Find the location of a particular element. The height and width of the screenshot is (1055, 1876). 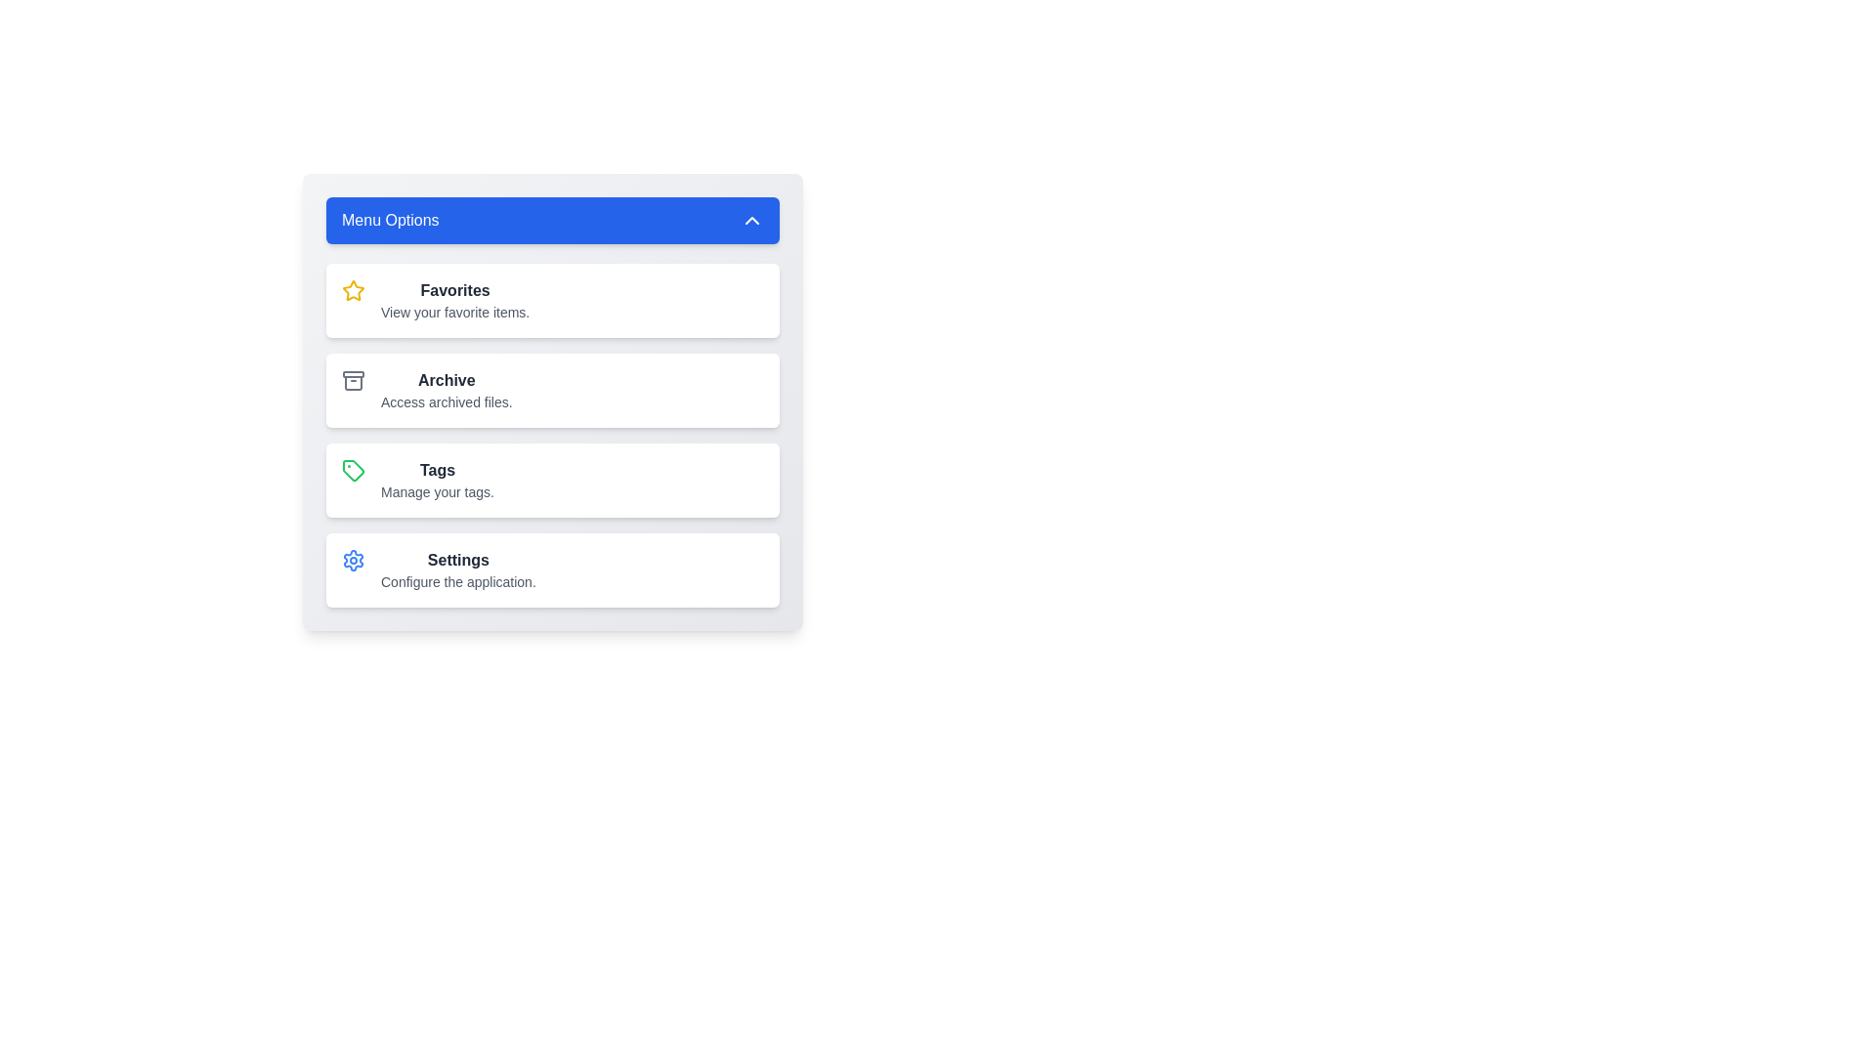

the yellow star icon representing 'favorite' status, located at the top-left corner of the 'Favorites' card, adjacent to the 'Favorites' text is located at coordinates (353, 290).